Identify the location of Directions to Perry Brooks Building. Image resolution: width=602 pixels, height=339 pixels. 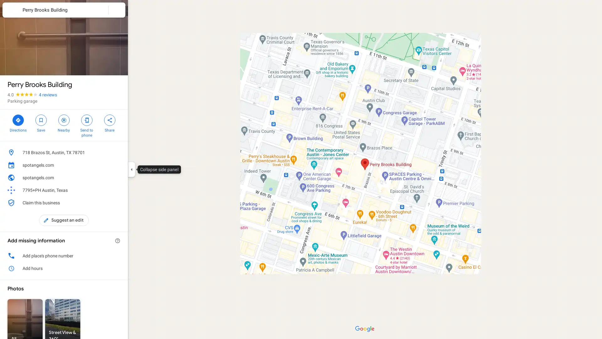
(18, 122).